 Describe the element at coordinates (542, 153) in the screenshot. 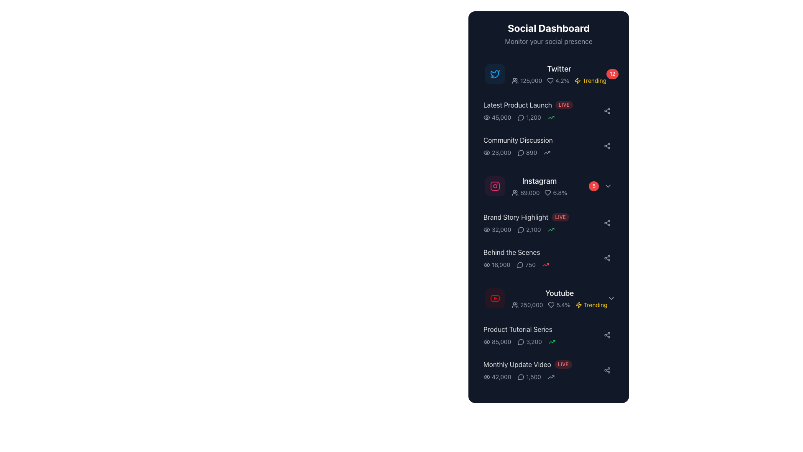

I see `the interactive icons representing views, comments, and the upward trend in the Community Discussion section, which is located just below the heading` at that location.